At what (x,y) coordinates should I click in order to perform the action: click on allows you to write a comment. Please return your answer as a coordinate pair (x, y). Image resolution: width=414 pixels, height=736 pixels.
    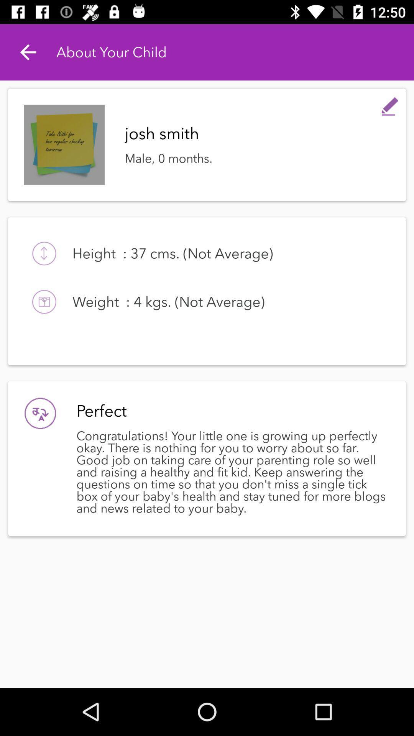
    Looking at the image, I should click on (390, 104).